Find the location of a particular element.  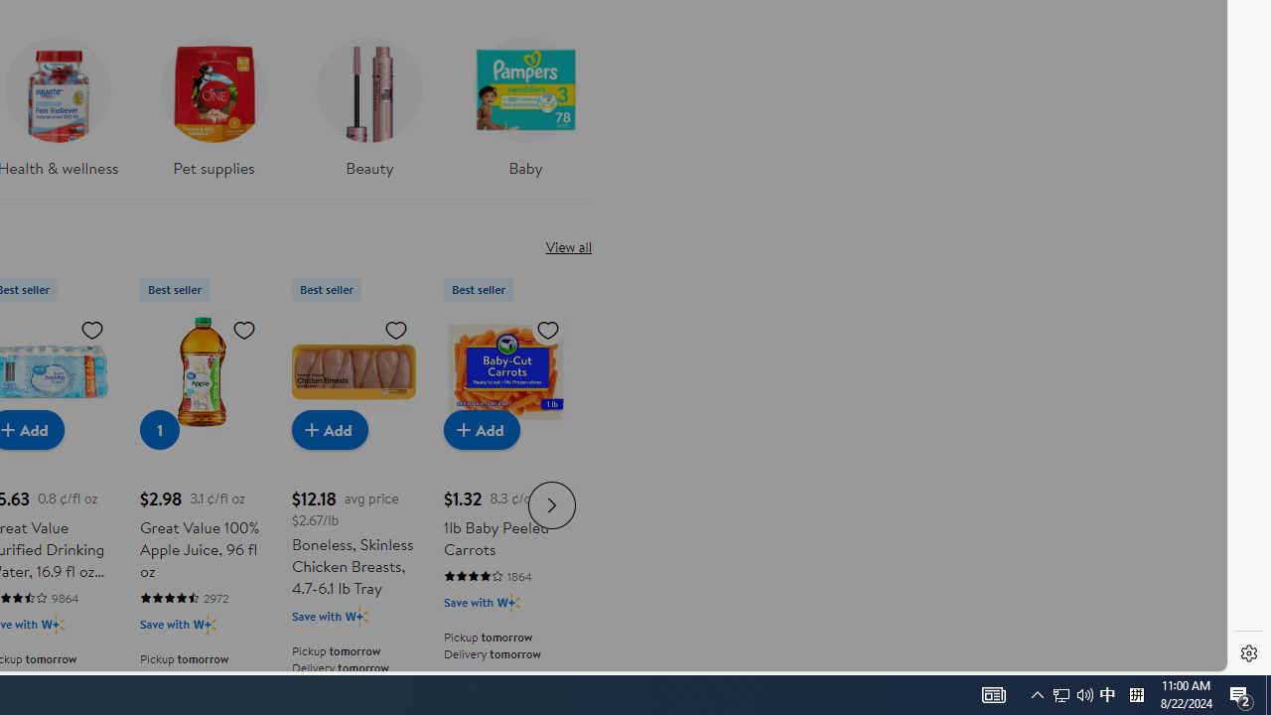

'Pet supplies' is located at coordinates (213, 113).